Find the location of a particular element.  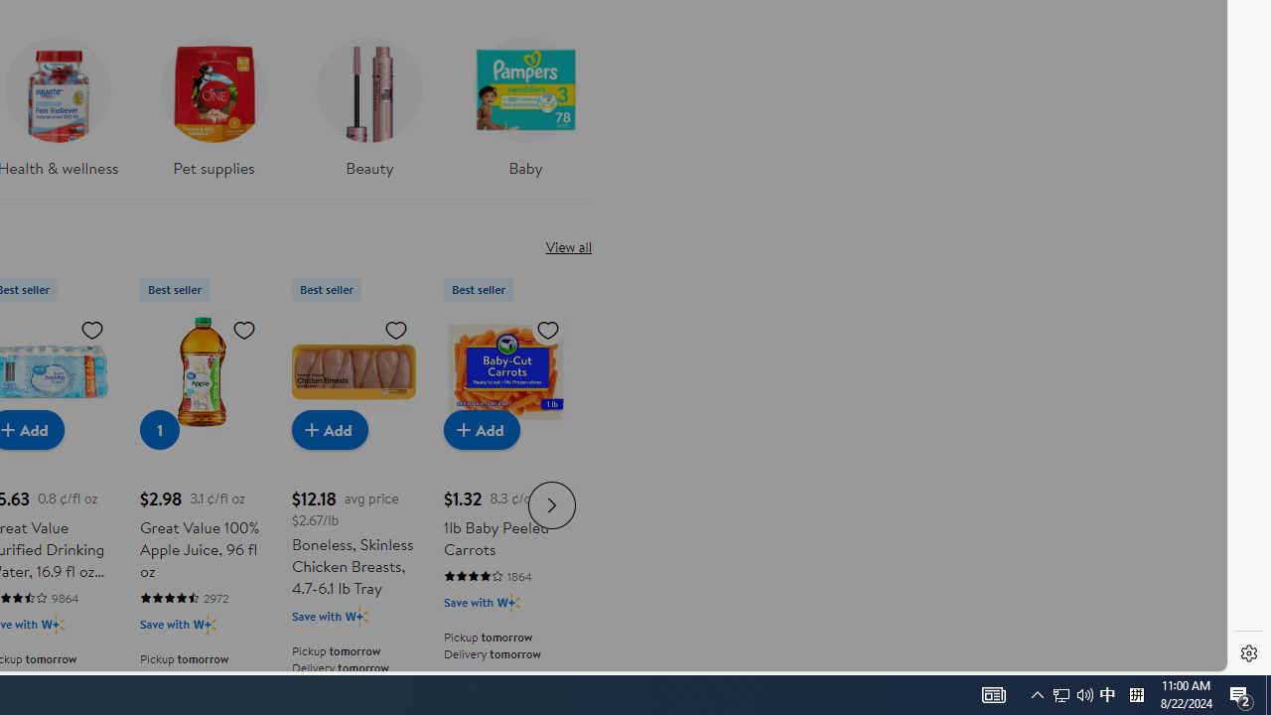

'Pet supplies' is located at coordinates (213, 113).